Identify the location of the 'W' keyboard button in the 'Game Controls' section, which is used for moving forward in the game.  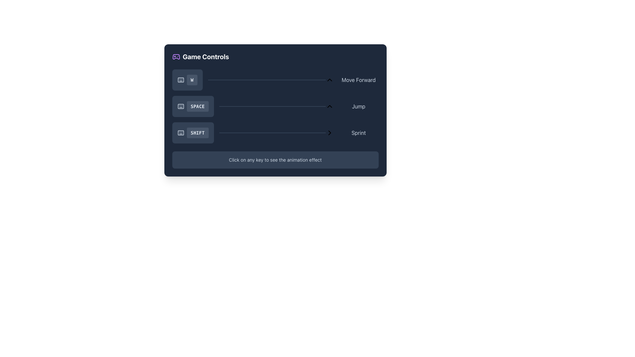
(187, 80).